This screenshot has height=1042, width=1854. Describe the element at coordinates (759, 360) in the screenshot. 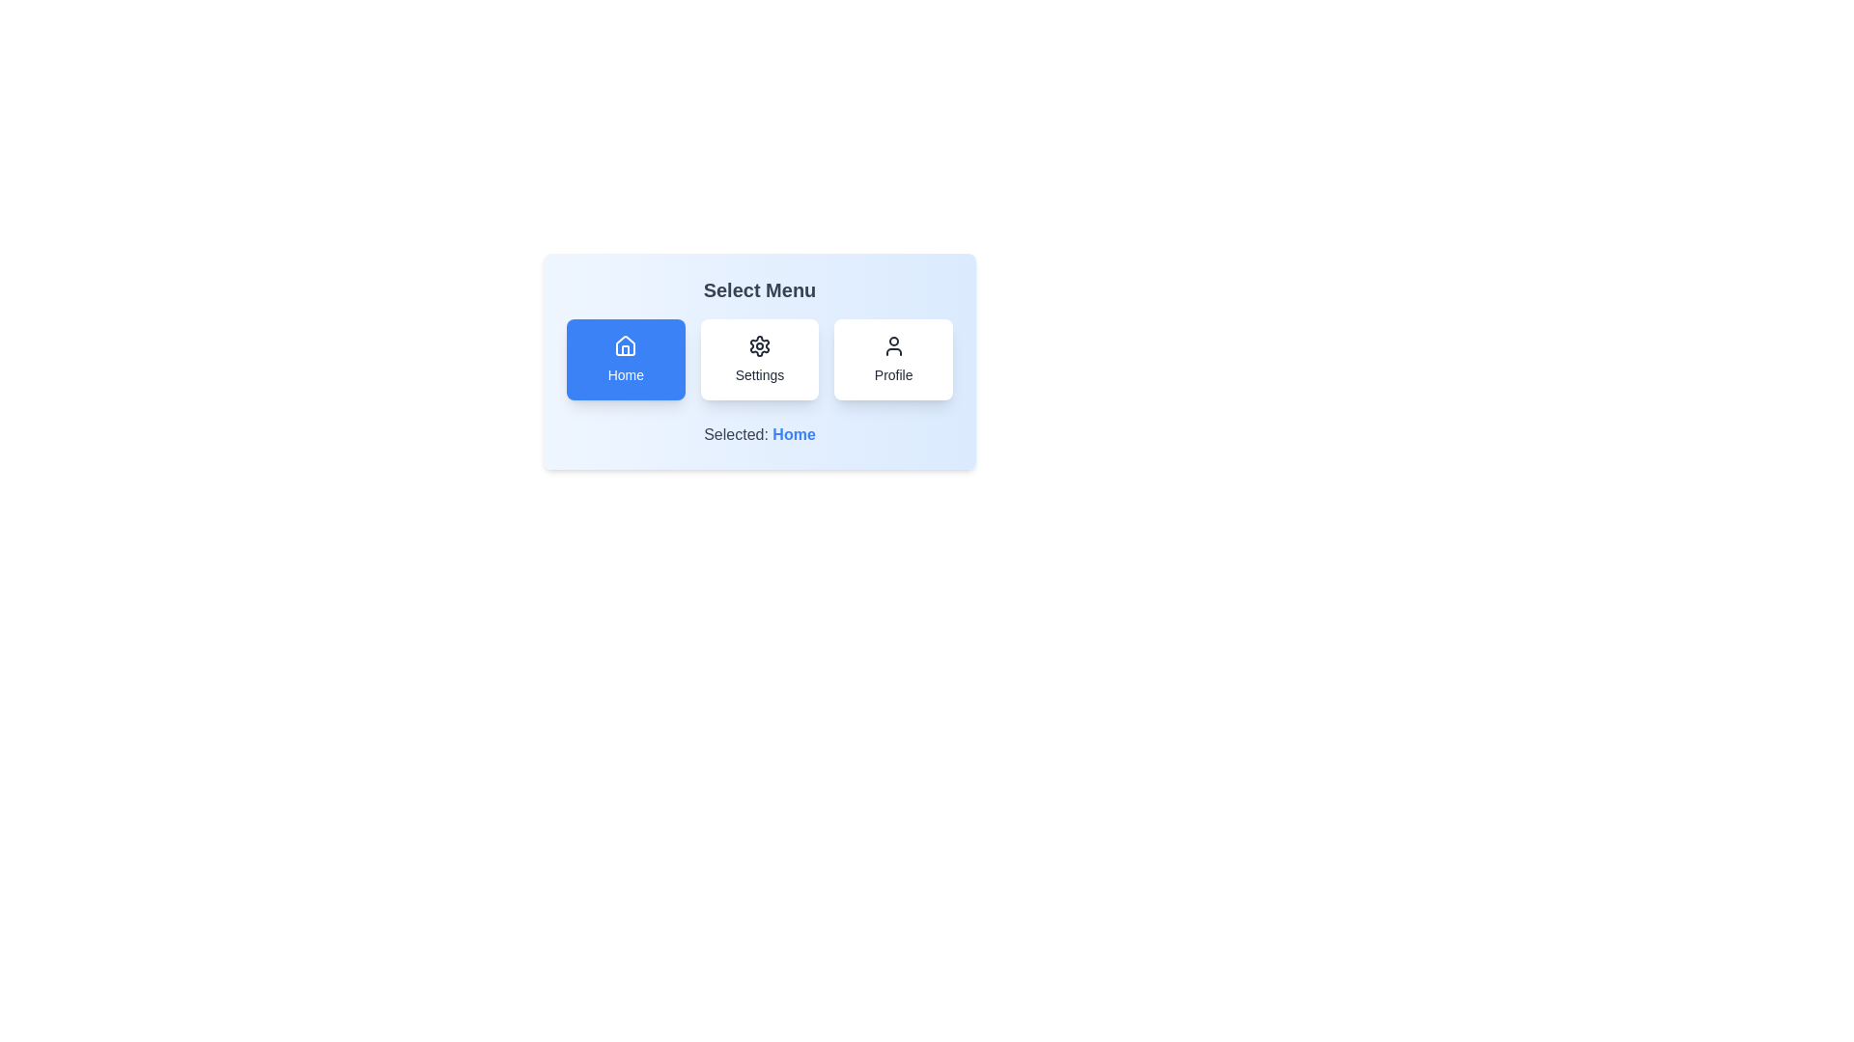

I see `the menu item Settings by clicking on its corresponding button` at that location.